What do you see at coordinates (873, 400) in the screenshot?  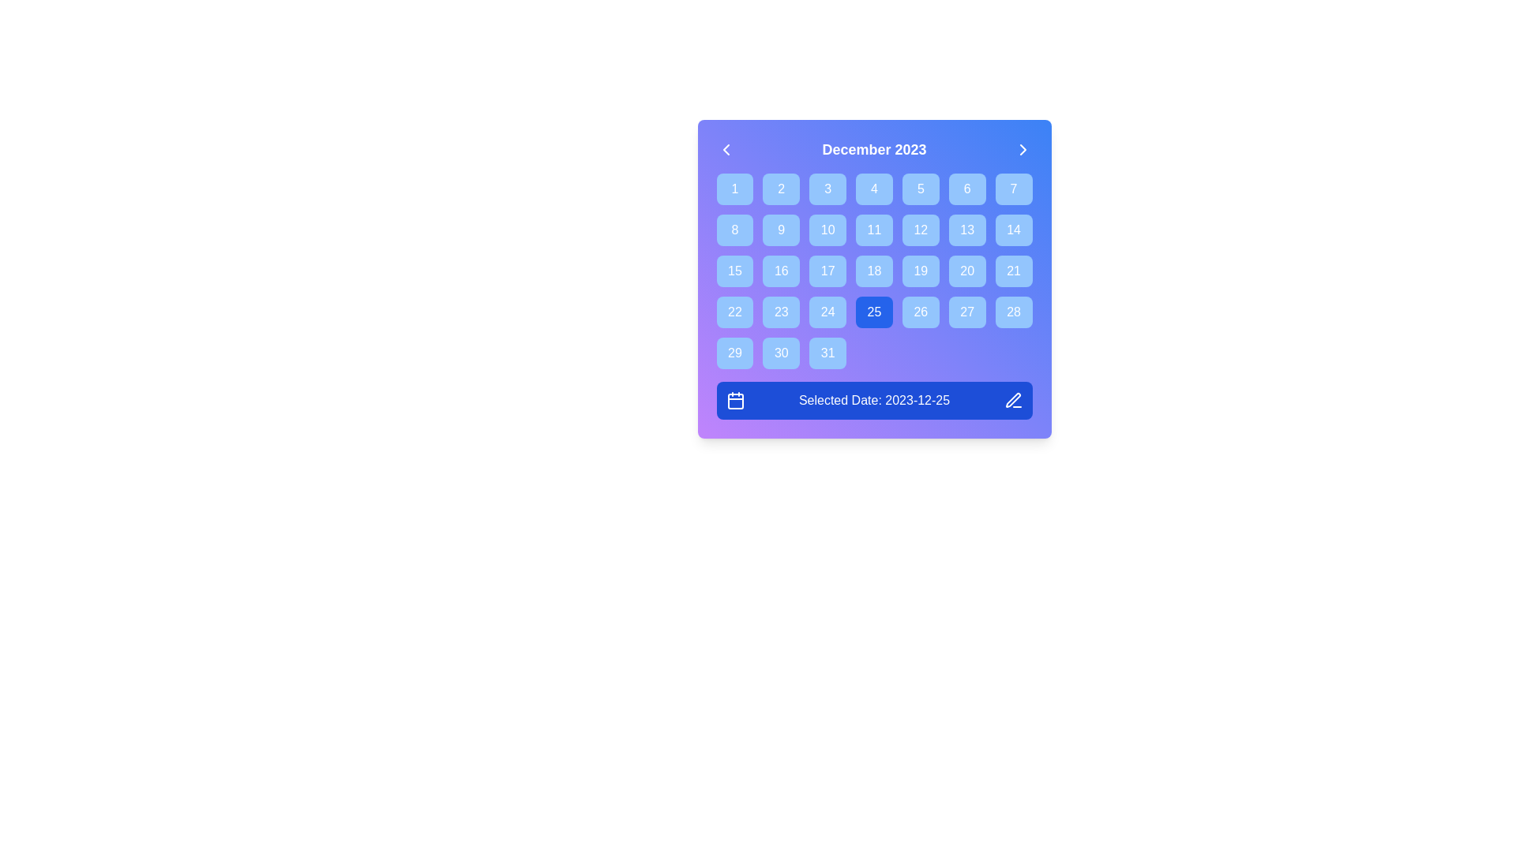 I see `the text label displaying 'Selected Date: 2023-12-25', which is centrally aligned in a blue rounded rectangle, located in the lower section of the calendar interface` at bounding box center [873, 400].